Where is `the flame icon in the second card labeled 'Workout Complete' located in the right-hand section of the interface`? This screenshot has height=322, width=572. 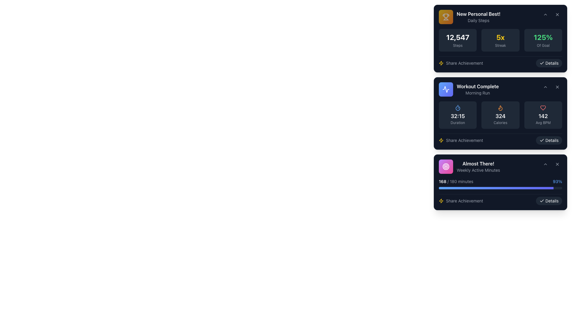 the flame icon in the second card labeled 'Workout Complete' located in the right-hand section of the interface is located at coordinates (500, 108).